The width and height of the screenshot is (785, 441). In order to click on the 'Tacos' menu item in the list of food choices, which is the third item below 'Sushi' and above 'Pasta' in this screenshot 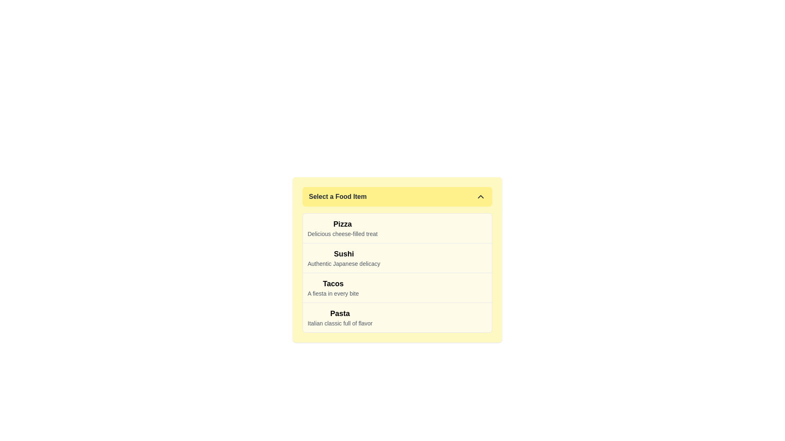, I will do `click(333, 283)`.